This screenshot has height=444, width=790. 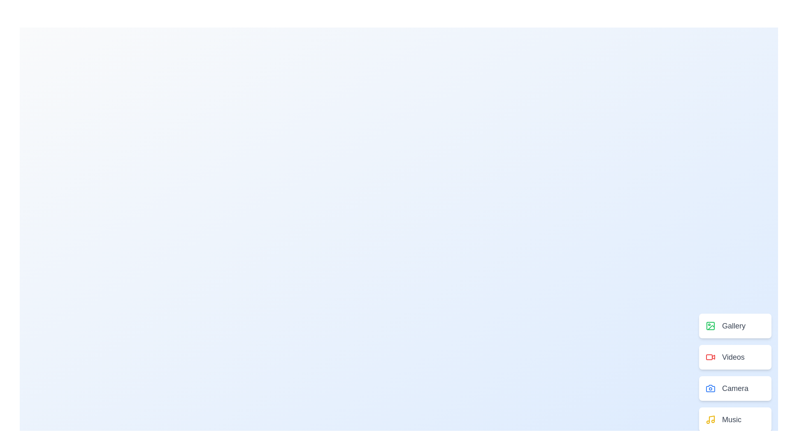 What do you see at coordinates (735, 420) in the screenshot?
I see `the menu item labeled Music` at bounding box center [735, 420].